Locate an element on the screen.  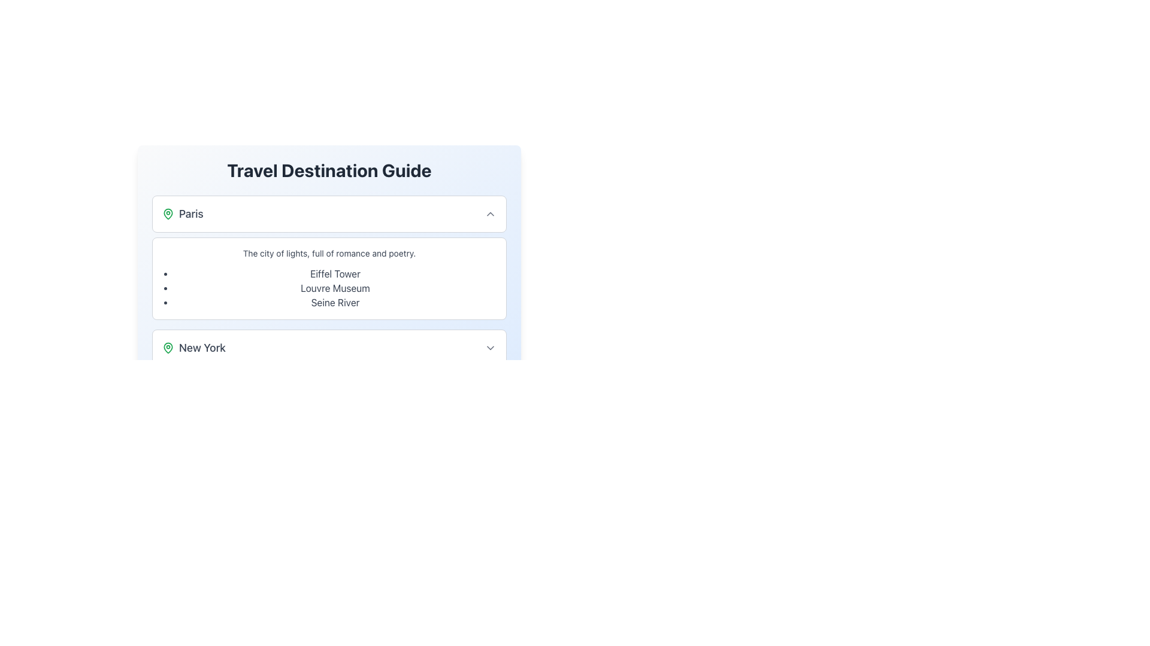
the text label displaying 'Paris' which is styled with medium-weight gray text and paired with a green map pin icon to its left, located within a white card-like background is located at coordinates (182, 214).